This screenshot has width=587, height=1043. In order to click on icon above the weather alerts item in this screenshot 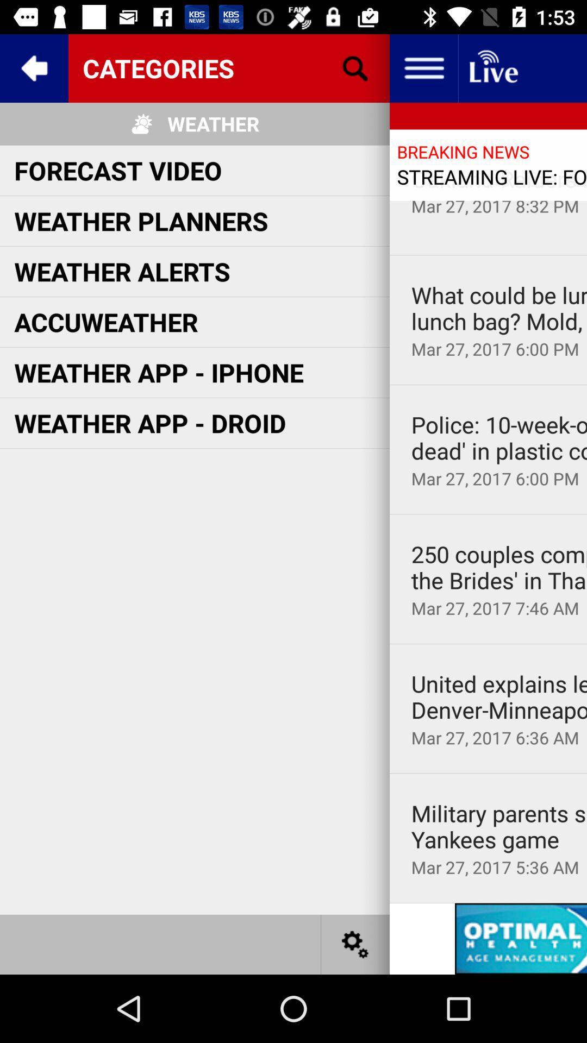, I will do `click(140, 220)`.